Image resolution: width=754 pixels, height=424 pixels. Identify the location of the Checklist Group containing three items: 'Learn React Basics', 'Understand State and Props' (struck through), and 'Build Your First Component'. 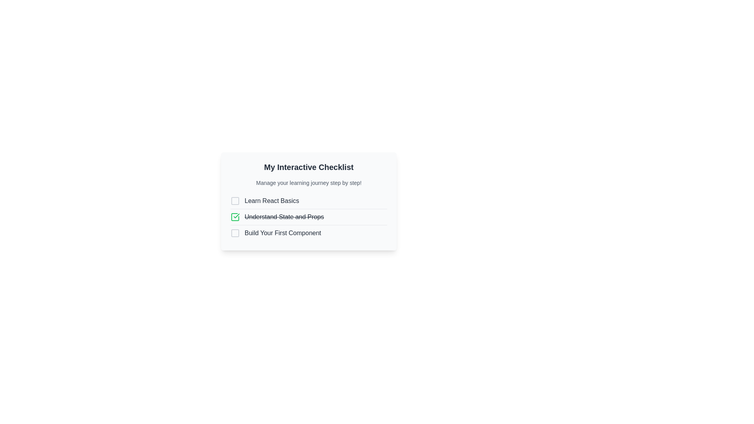
(308, 217).